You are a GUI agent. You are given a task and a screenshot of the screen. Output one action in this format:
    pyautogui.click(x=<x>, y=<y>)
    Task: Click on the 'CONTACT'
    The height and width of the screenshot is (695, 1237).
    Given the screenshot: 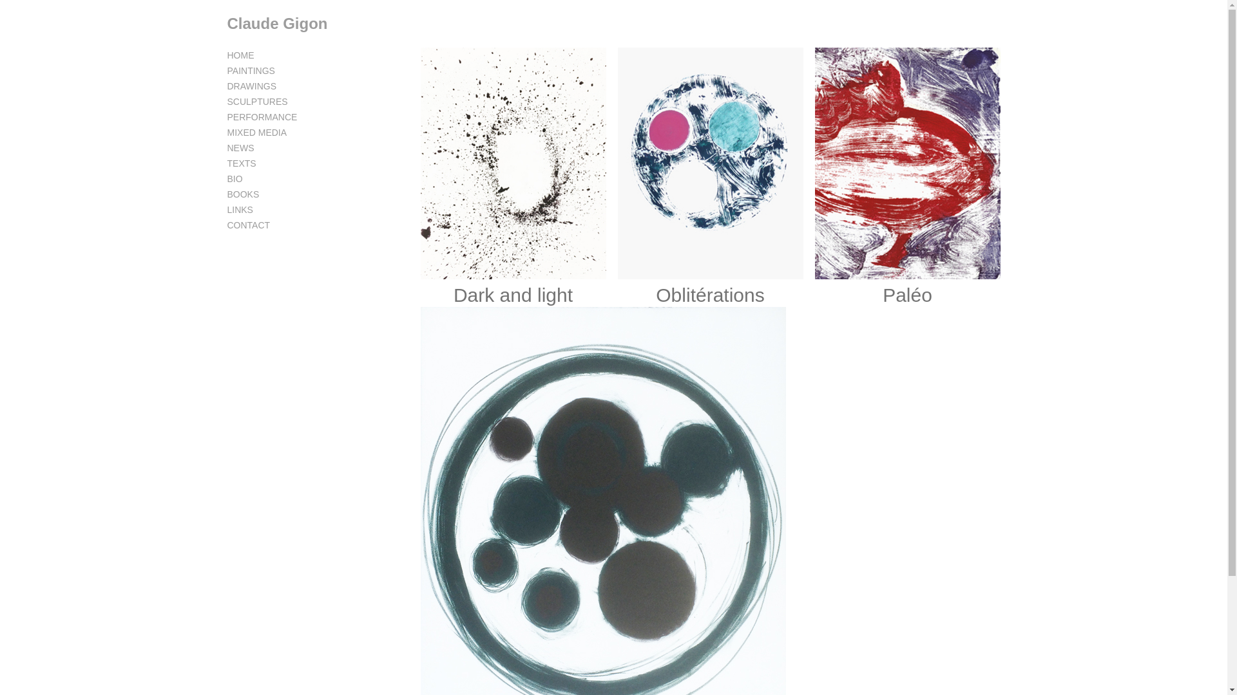 What is the action you would take?
    pyautogui.click(x=226, y=225)
    